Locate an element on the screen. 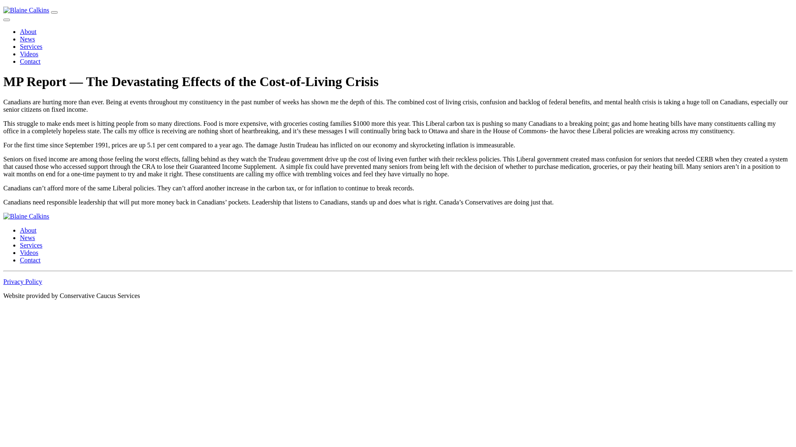  'Contact' is located at coordinates (20, 61).